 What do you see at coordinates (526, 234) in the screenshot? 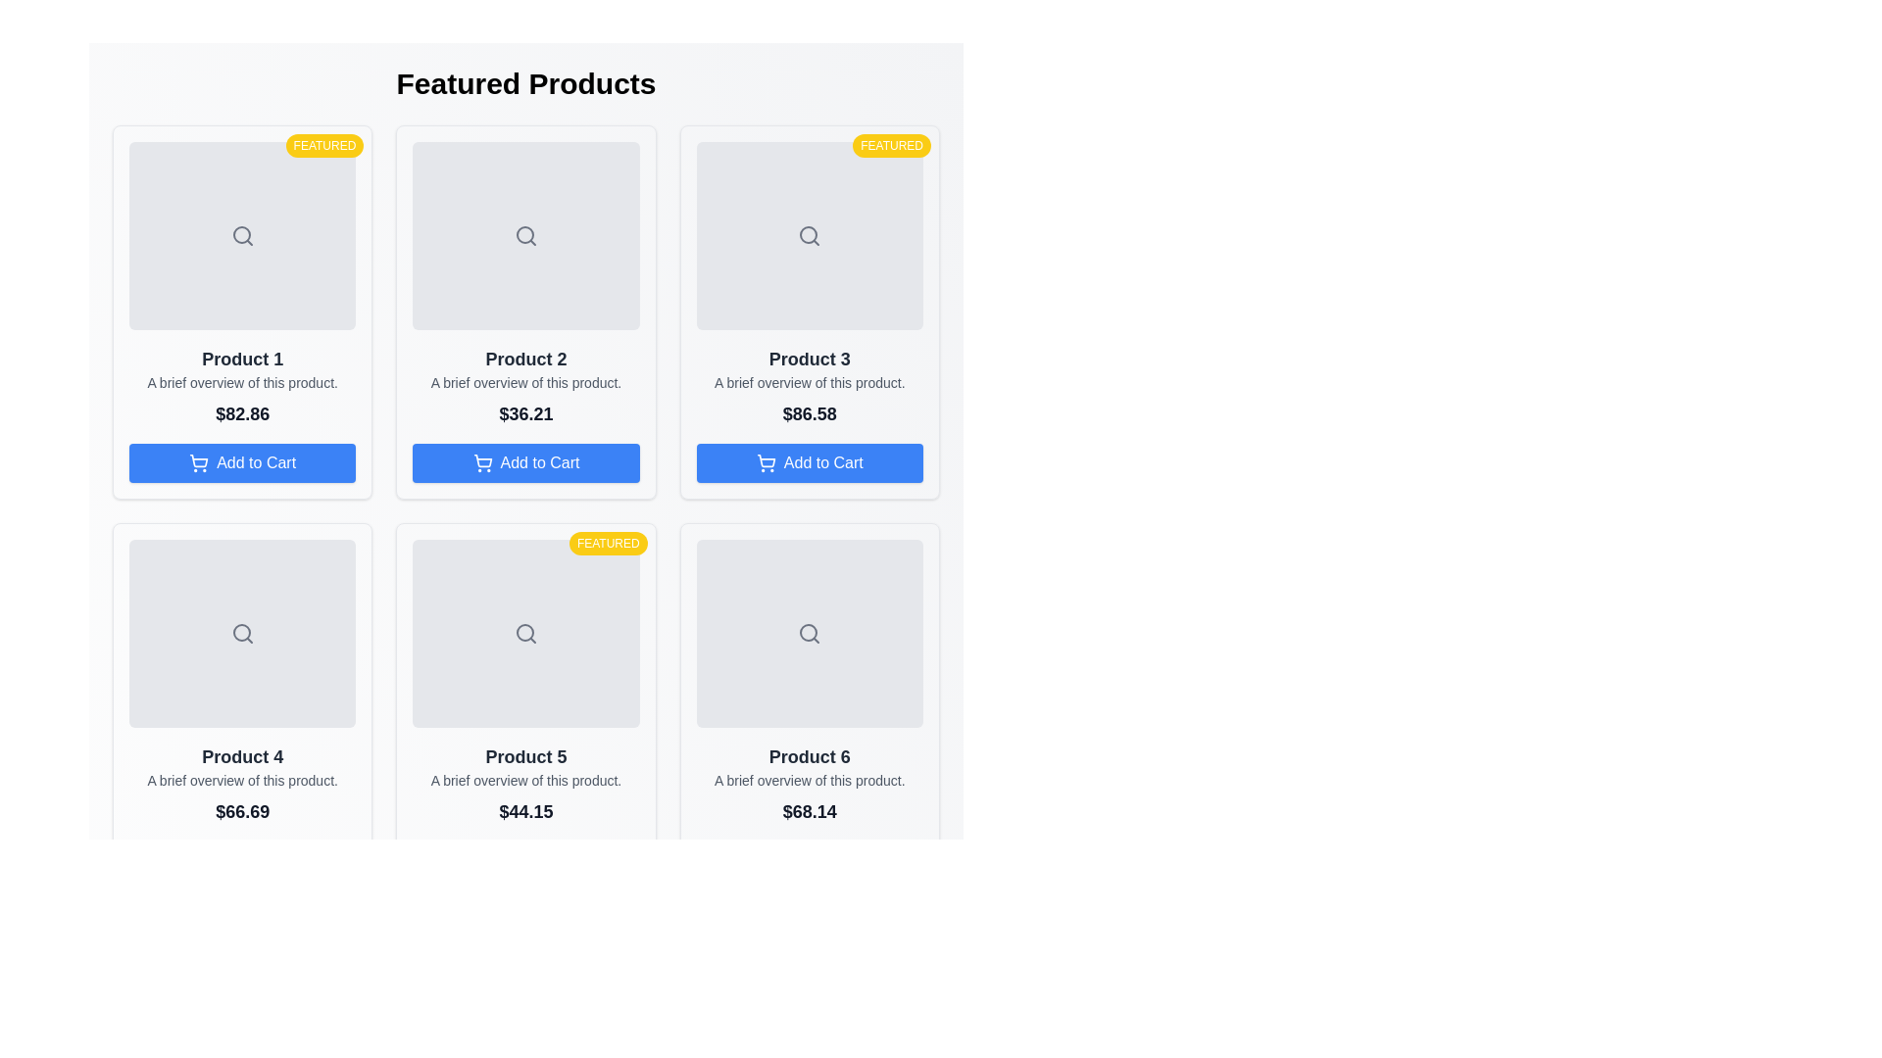
I see `the search or zoom-in icon located in the central gray placeholder of the 'Product 2' card, which is the second card in the top row among the product grid` at bounding box center [526, 234].